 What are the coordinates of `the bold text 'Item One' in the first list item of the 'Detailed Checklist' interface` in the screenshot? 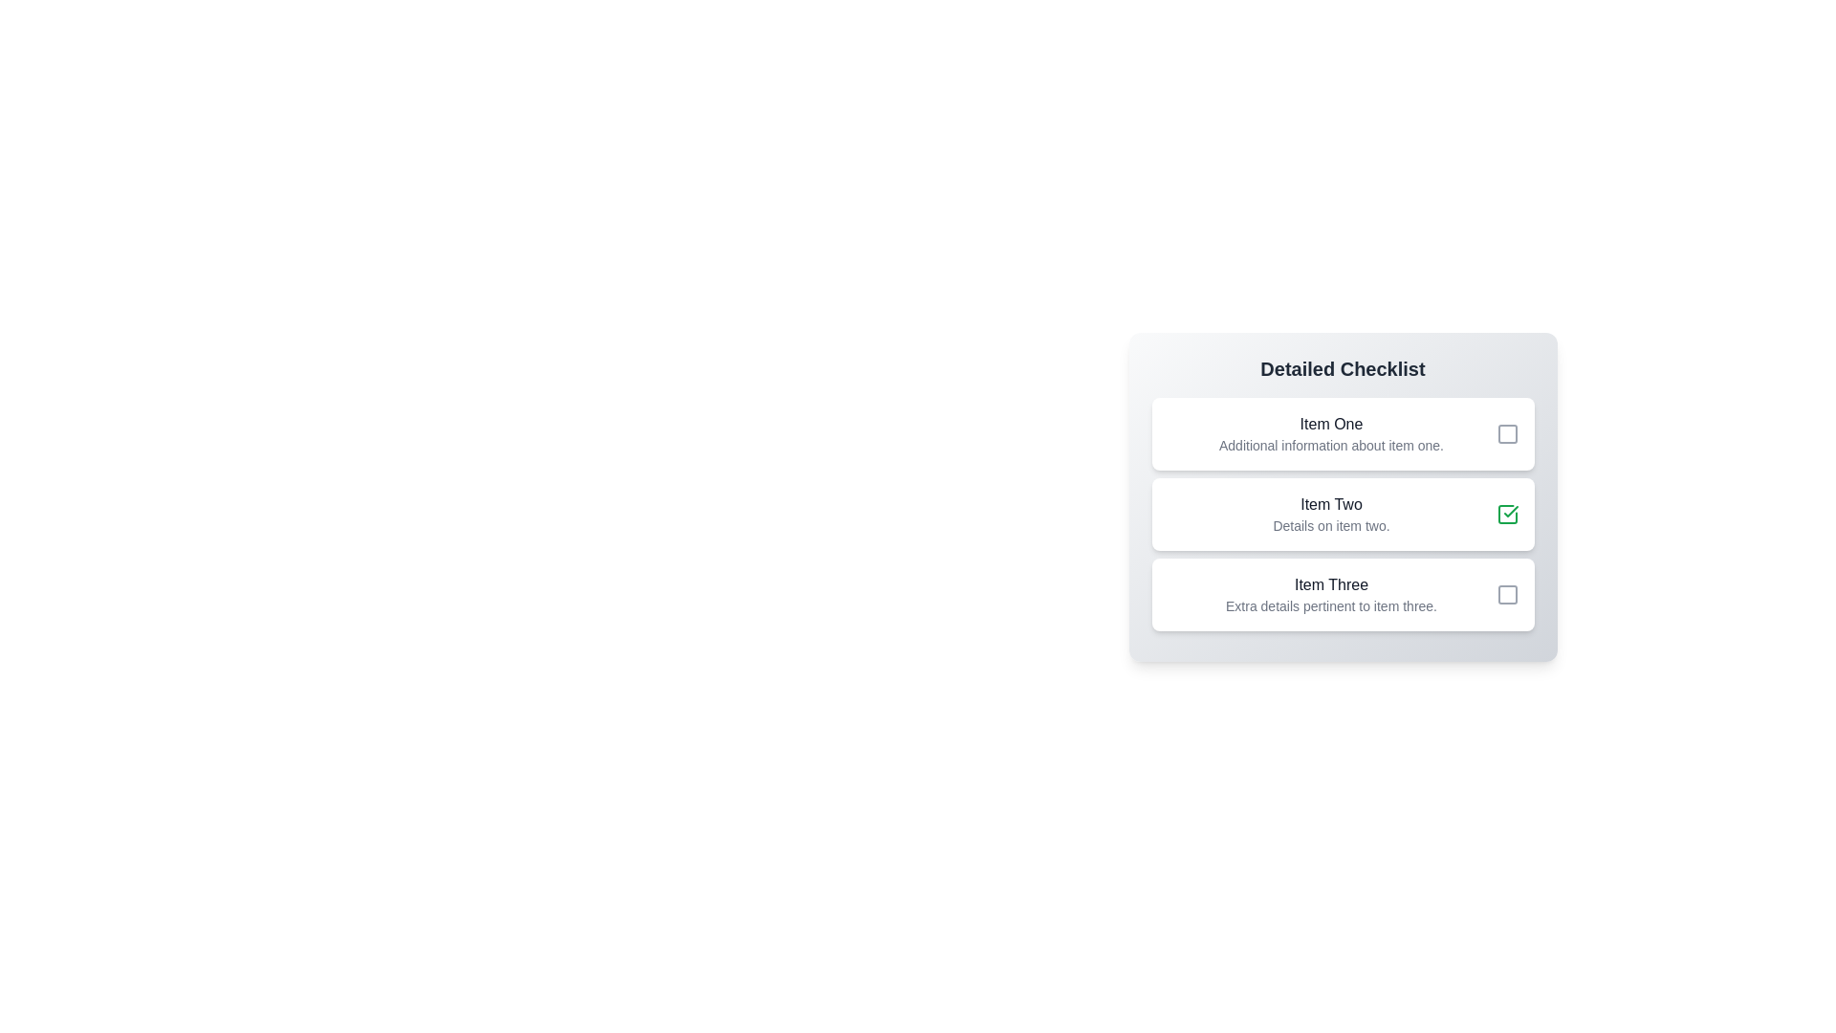 It's located at (1330, 423).